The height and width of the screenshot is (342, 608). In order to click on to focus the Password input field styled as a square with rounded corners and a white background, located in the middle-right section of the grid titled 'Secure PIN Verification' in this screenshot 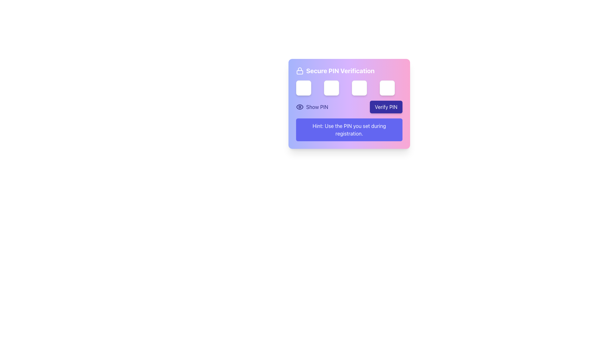, I will do `click(359, 88)`.